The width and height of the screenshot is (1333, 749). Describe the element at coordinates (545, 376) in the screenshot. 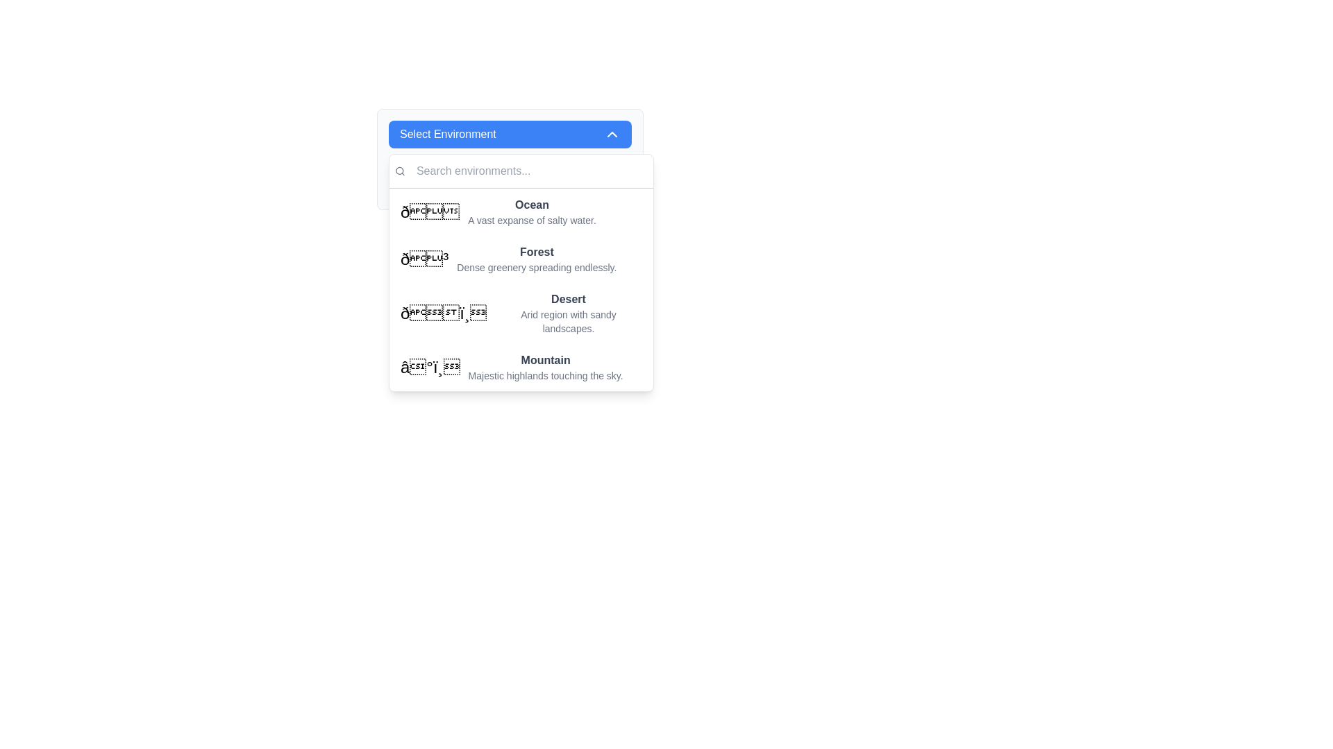

I see `the descriptive text displaying 'Majestic highlands touching the sky.' which is styled in gray and is smaller than nearby elements` at that location.